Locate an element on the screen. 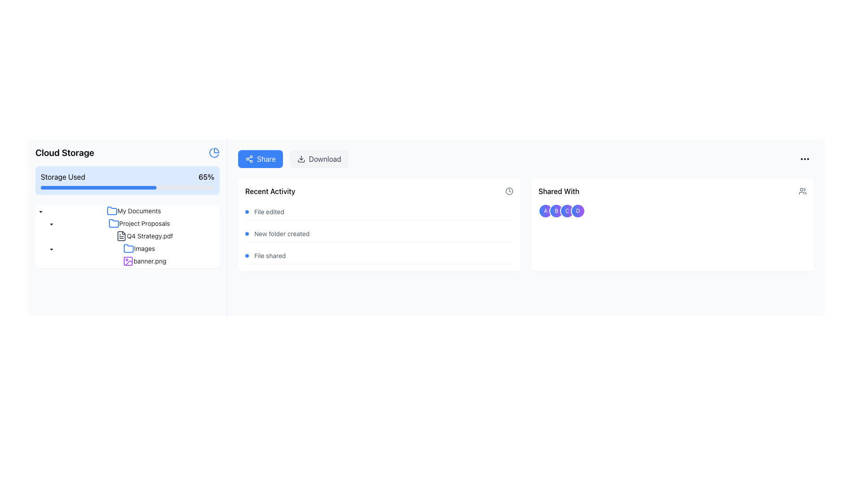 Image resolution: width=861 pixels, height=484 pixels. the Progress Bar located in the 'Storage Used' section of the 'Cloud Storage' panel, which visually represents the percentage of storage space utilized and is situated below the text 'Storage Used' and the percentage '65%.' is located at coordinates (127, 187).